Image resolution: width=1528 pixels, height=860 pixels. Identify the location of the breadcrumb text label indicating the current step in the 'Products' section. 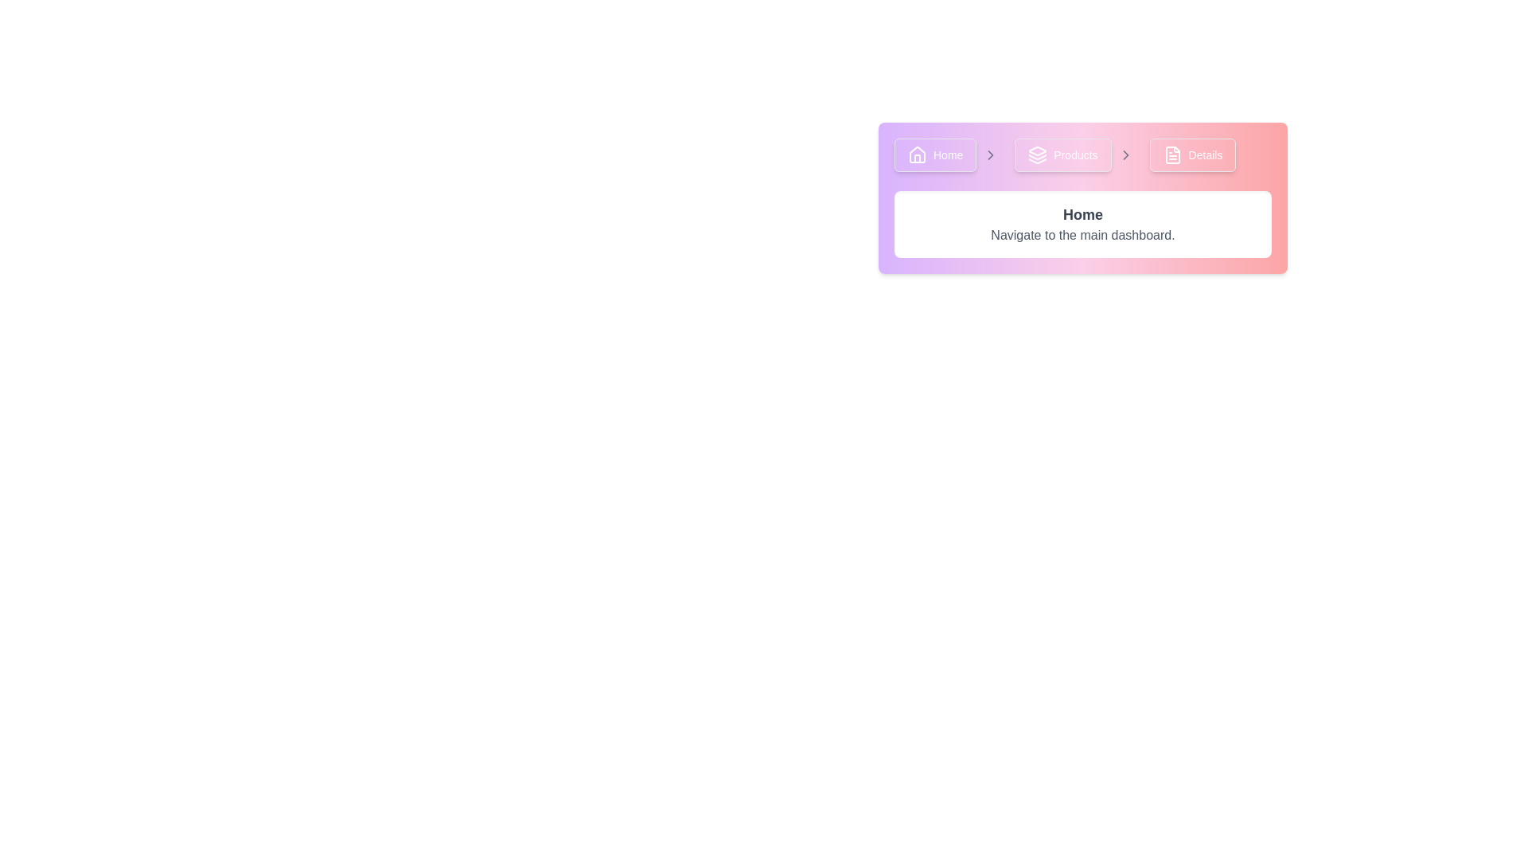
(1076, 155).